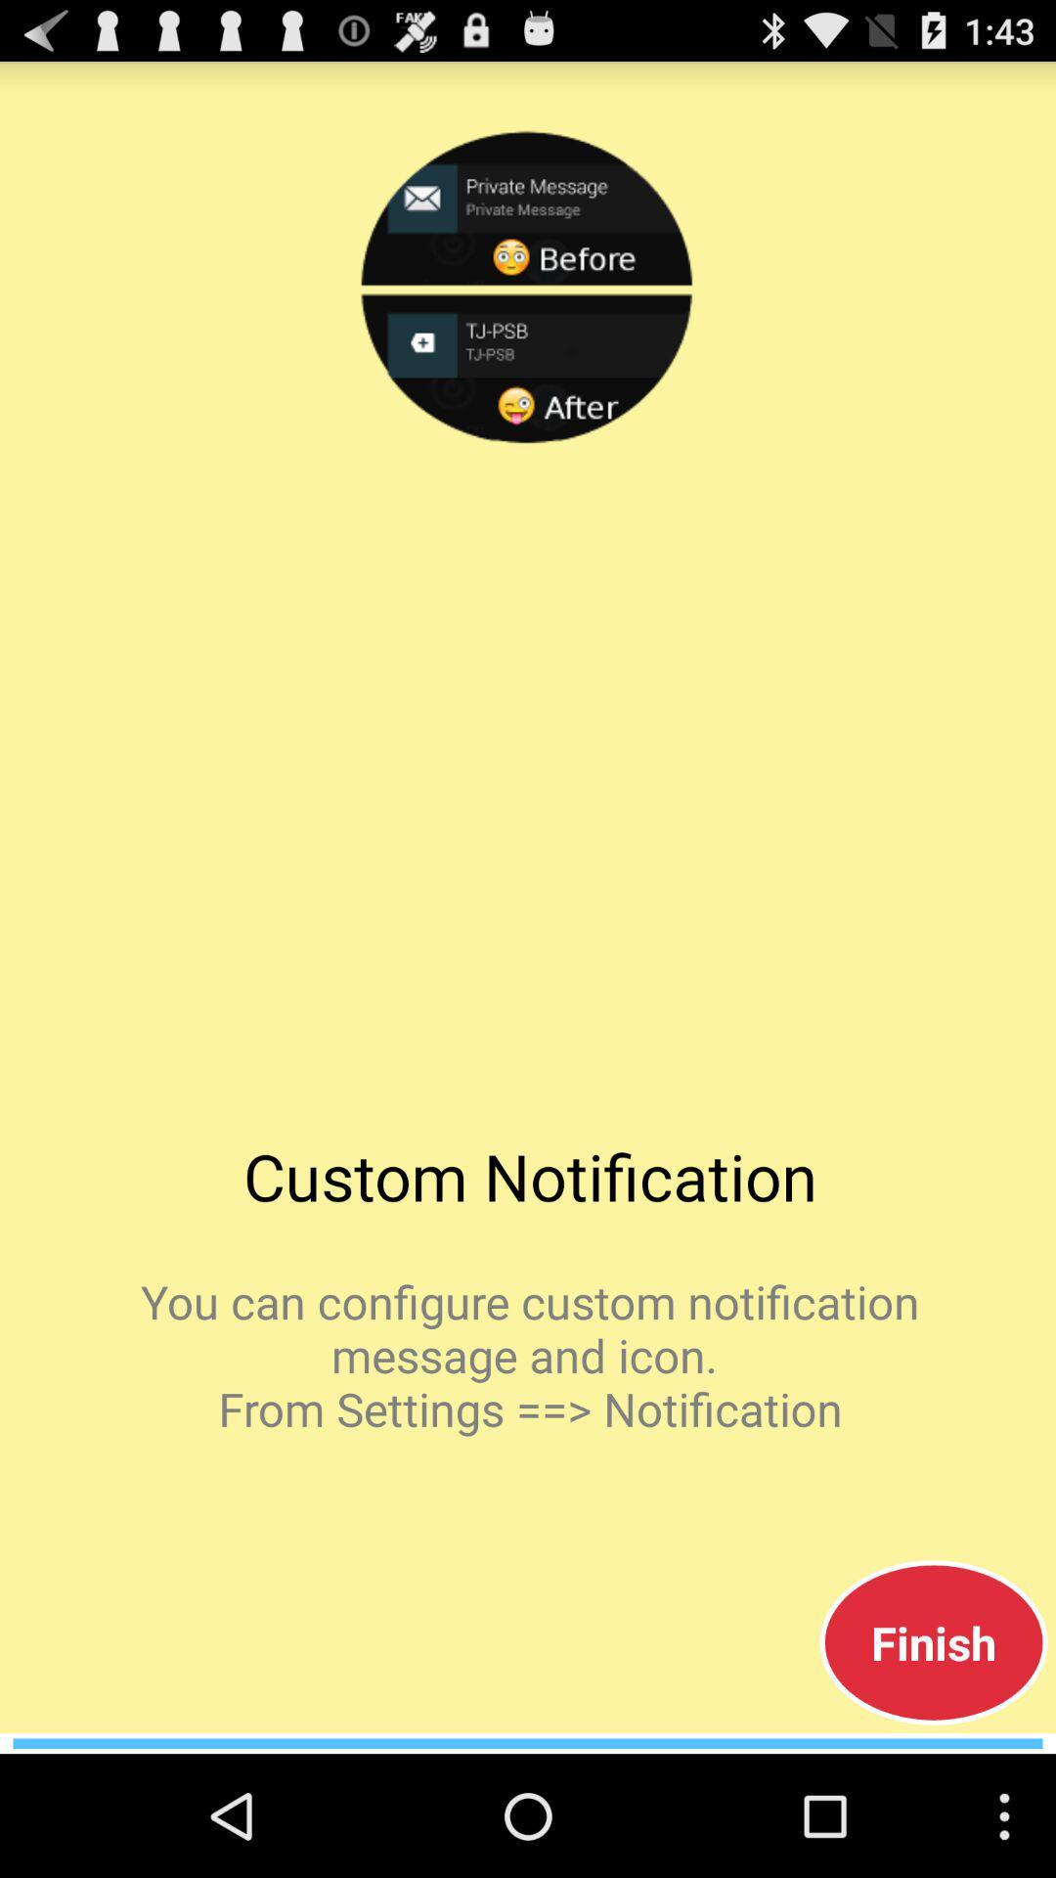  I want to click on app below the you can configure, so click(933, 1642).